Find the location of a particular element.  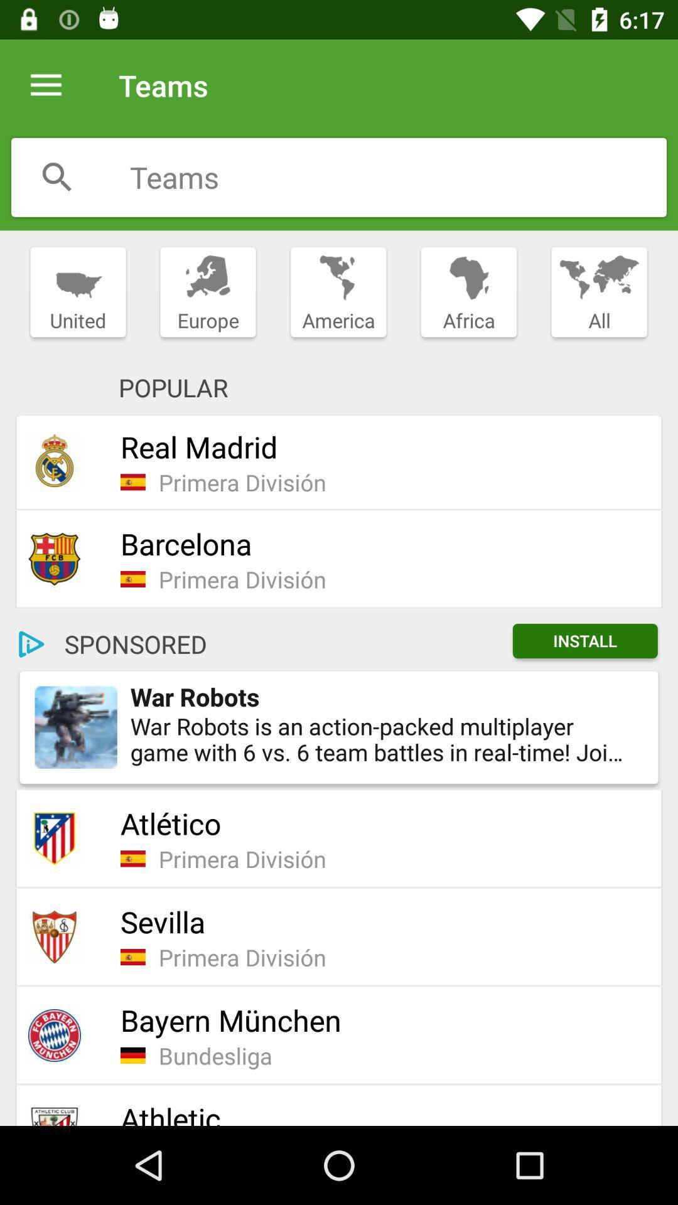

europe item is located at coordinates (207, 292).